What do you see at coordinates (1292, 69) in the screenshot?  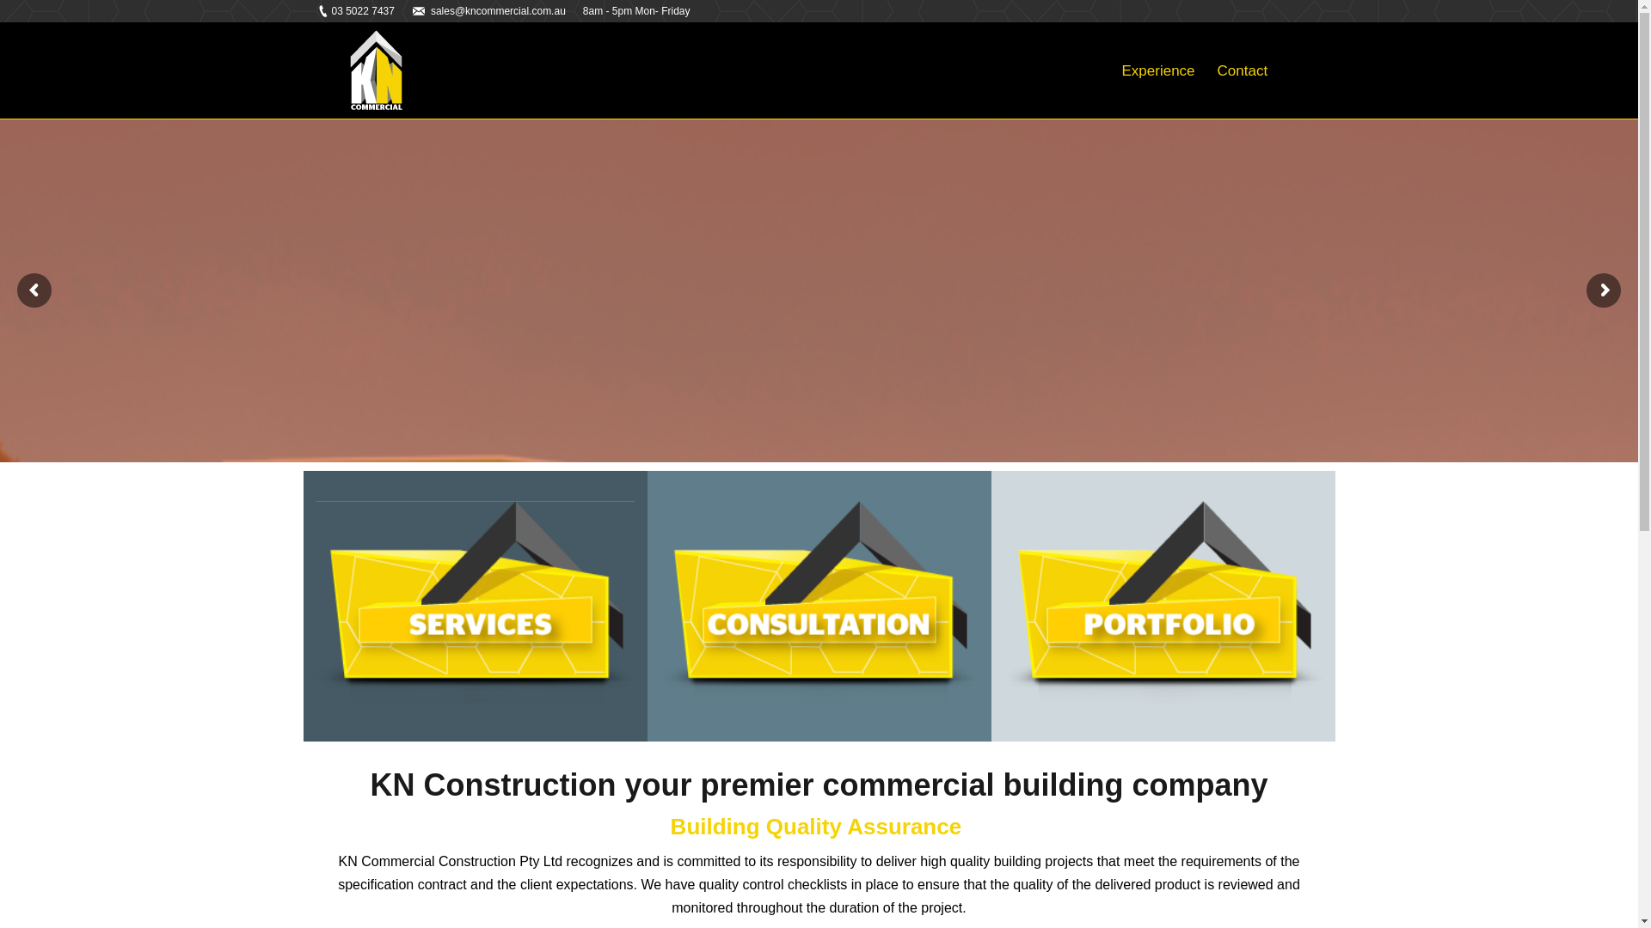 I see `' '` at bounding box center [1292, 69].